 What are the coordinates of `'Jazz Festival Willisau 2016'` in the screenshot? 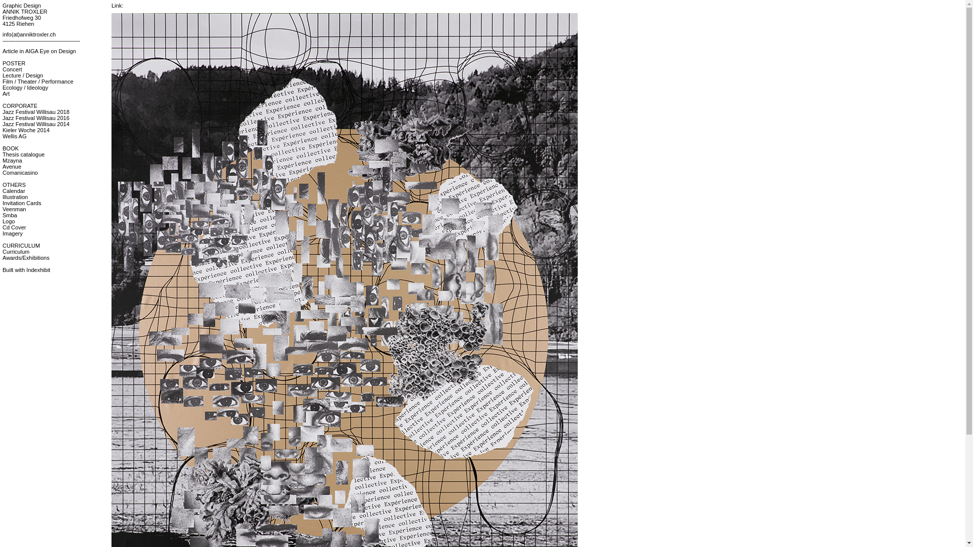 It's located at (2, 117).